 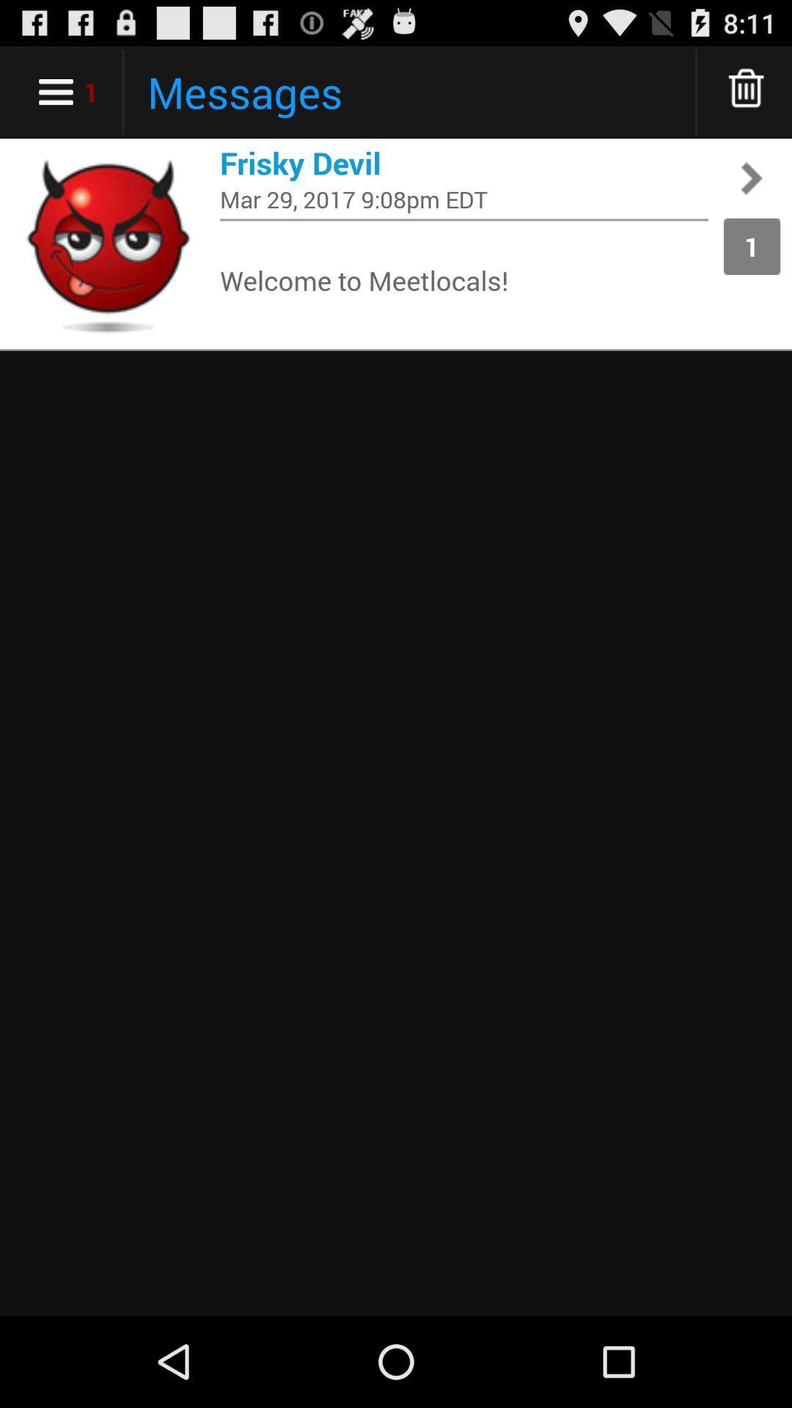 I want to click on icon to the left of 1 icon, so click(x=463, y=219).